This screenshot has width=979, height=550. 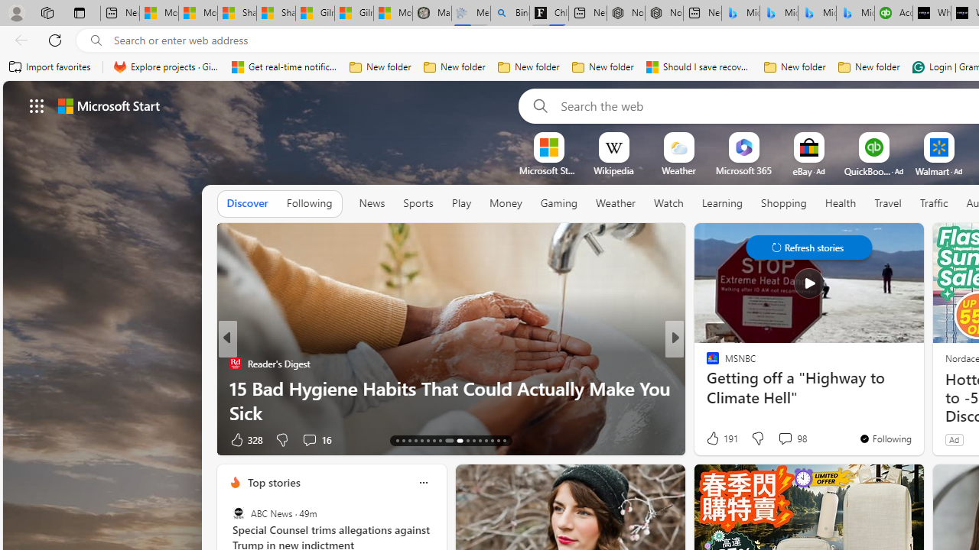 What do you see at coordinates (415, 441) in the screenshot?
I see `'AutomationID: tab-16'` at bounding box center [415, 441].